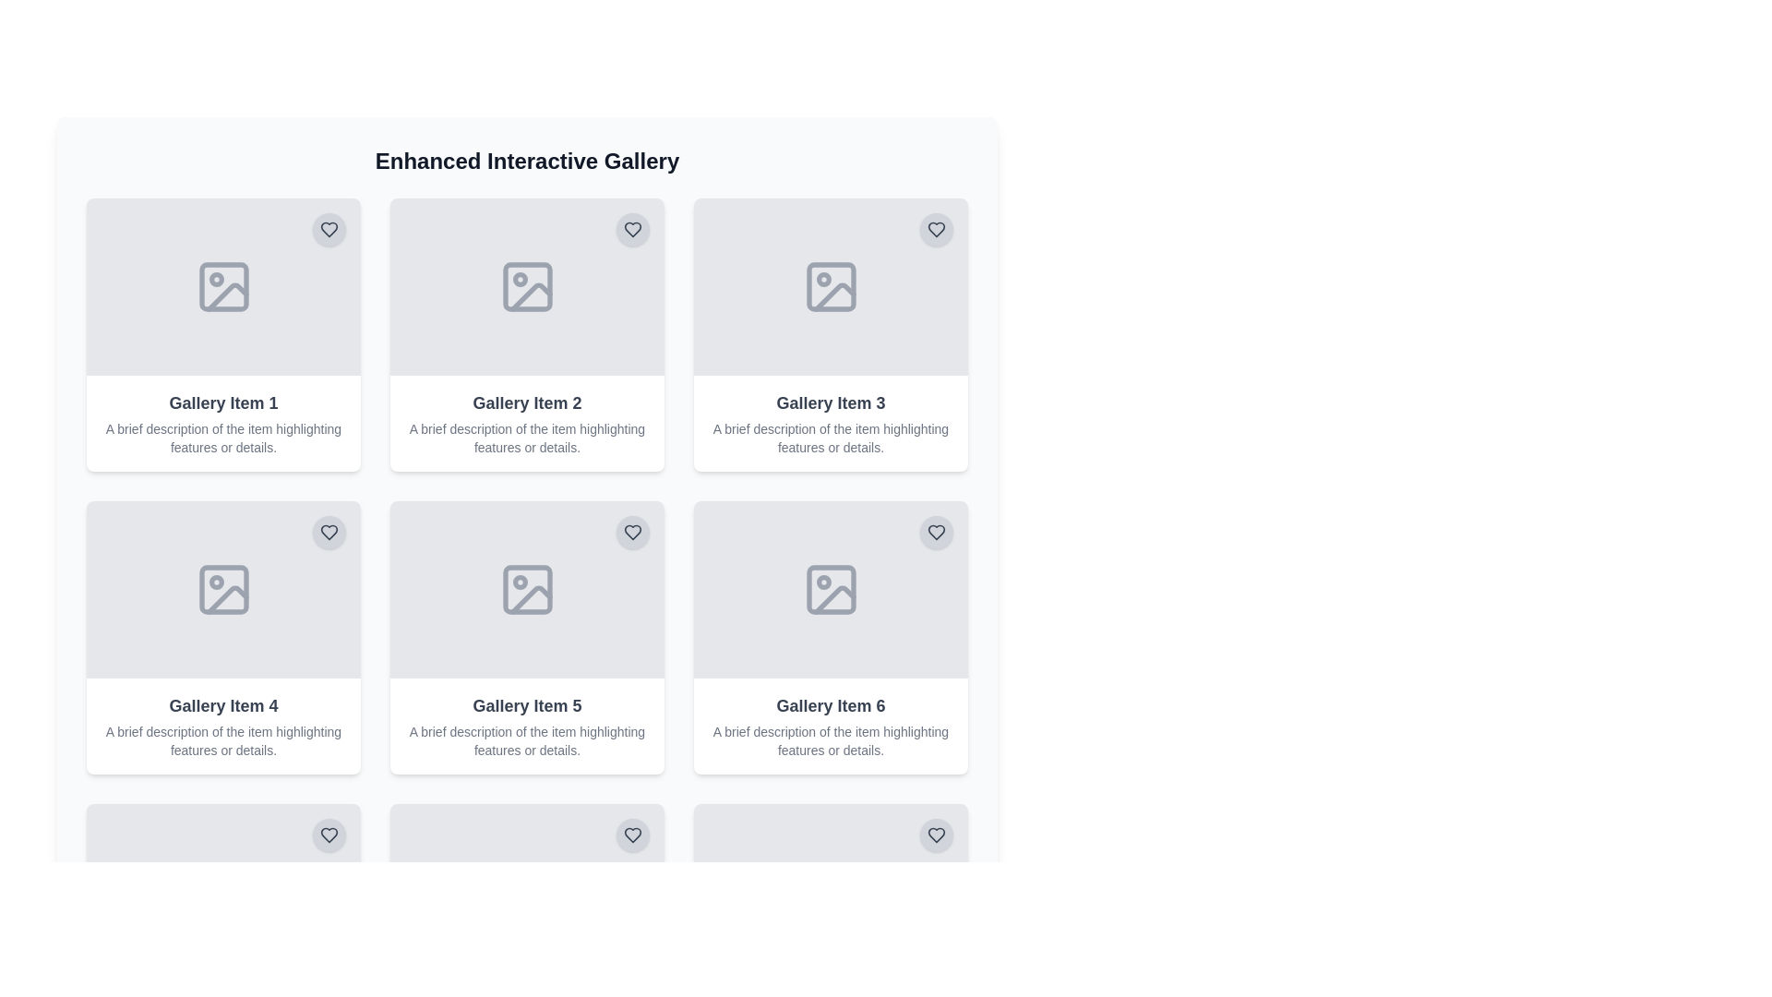  What do you see at coordinates (936, 229) in the screenshot?
I see `the favorite button located at the top-right corner of the card representing 'Gallery Item 3' to like or favorite the item` at bounding box center [936, 229].